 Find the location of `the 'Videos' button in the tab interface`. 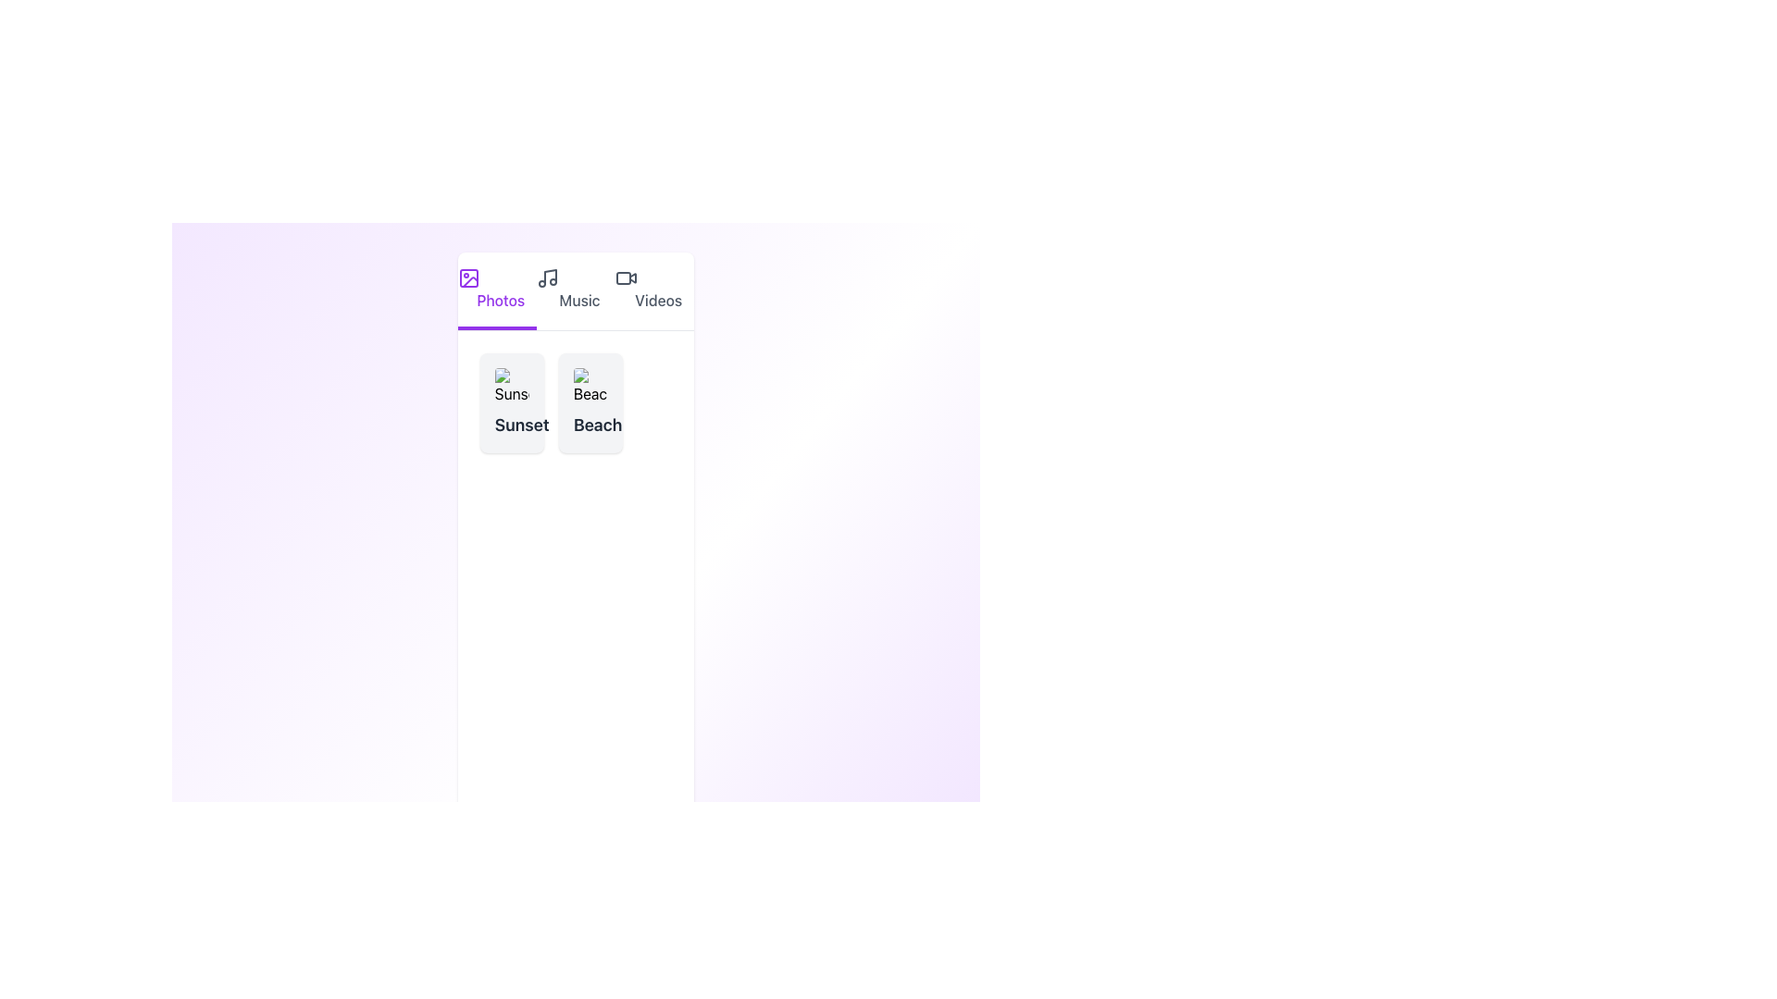

the 'Videos' button in the tab interface is located at coordinates (654, 291).